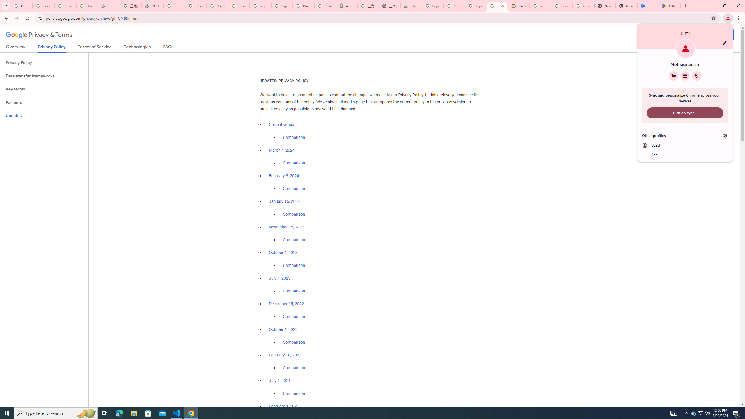  What do you see at coordinates (736, 413) in the screenshot?
I see `'Action Center, 2 new notifications'` at bounding box center [736, 413].